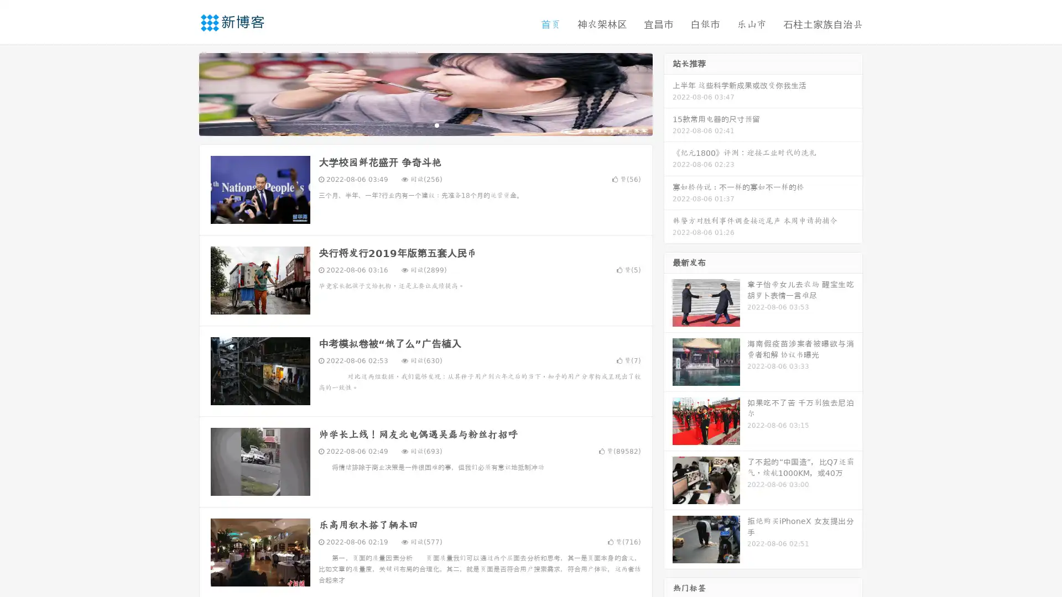 This screenshot has width=1062, height=597. I want to click on Go to slide 3, so click(436, 124).